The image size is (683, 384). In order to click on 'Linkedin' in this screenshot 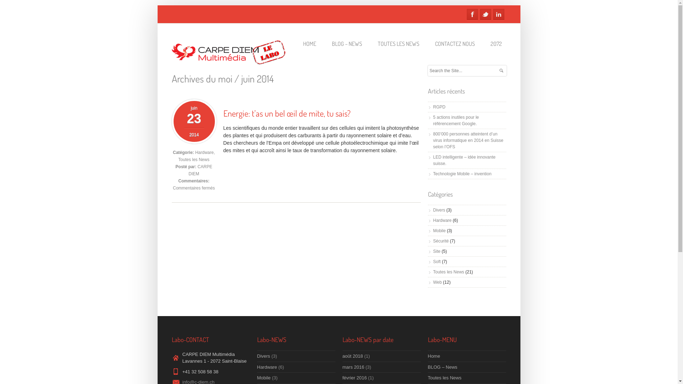, I will do `click(498, 15)`.